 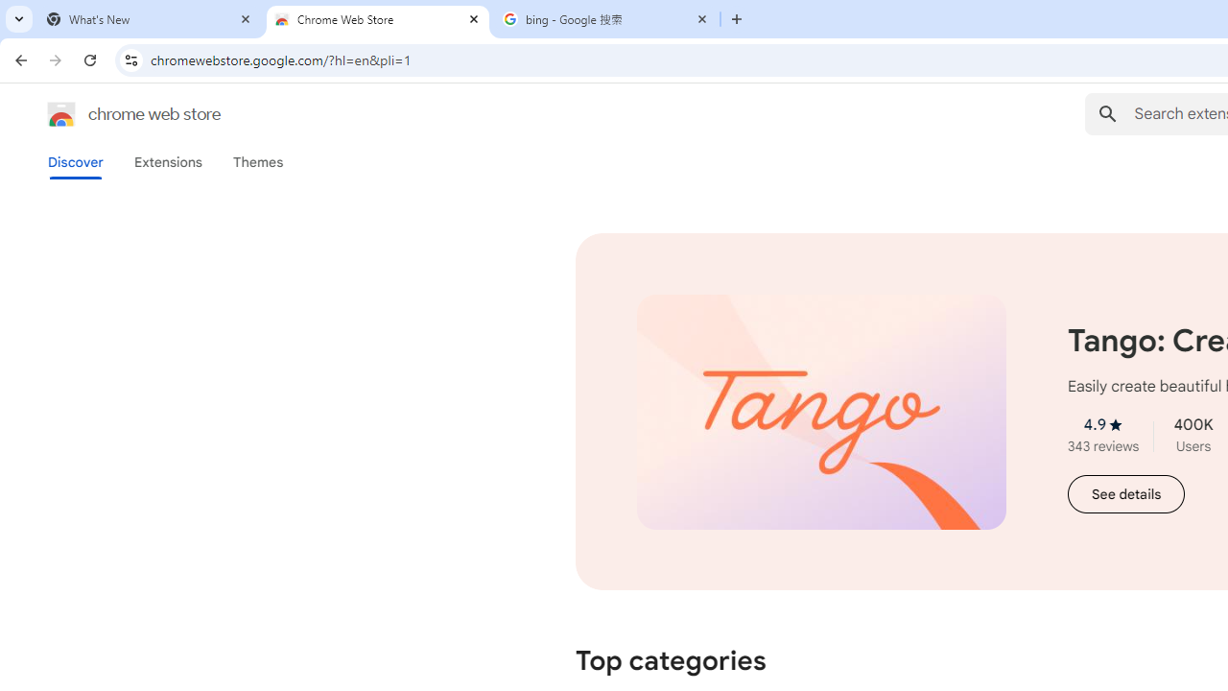 What do you see at coordinates (149, 19) in the screenshot?
I see `'What'` at bounding box center [149, 19].